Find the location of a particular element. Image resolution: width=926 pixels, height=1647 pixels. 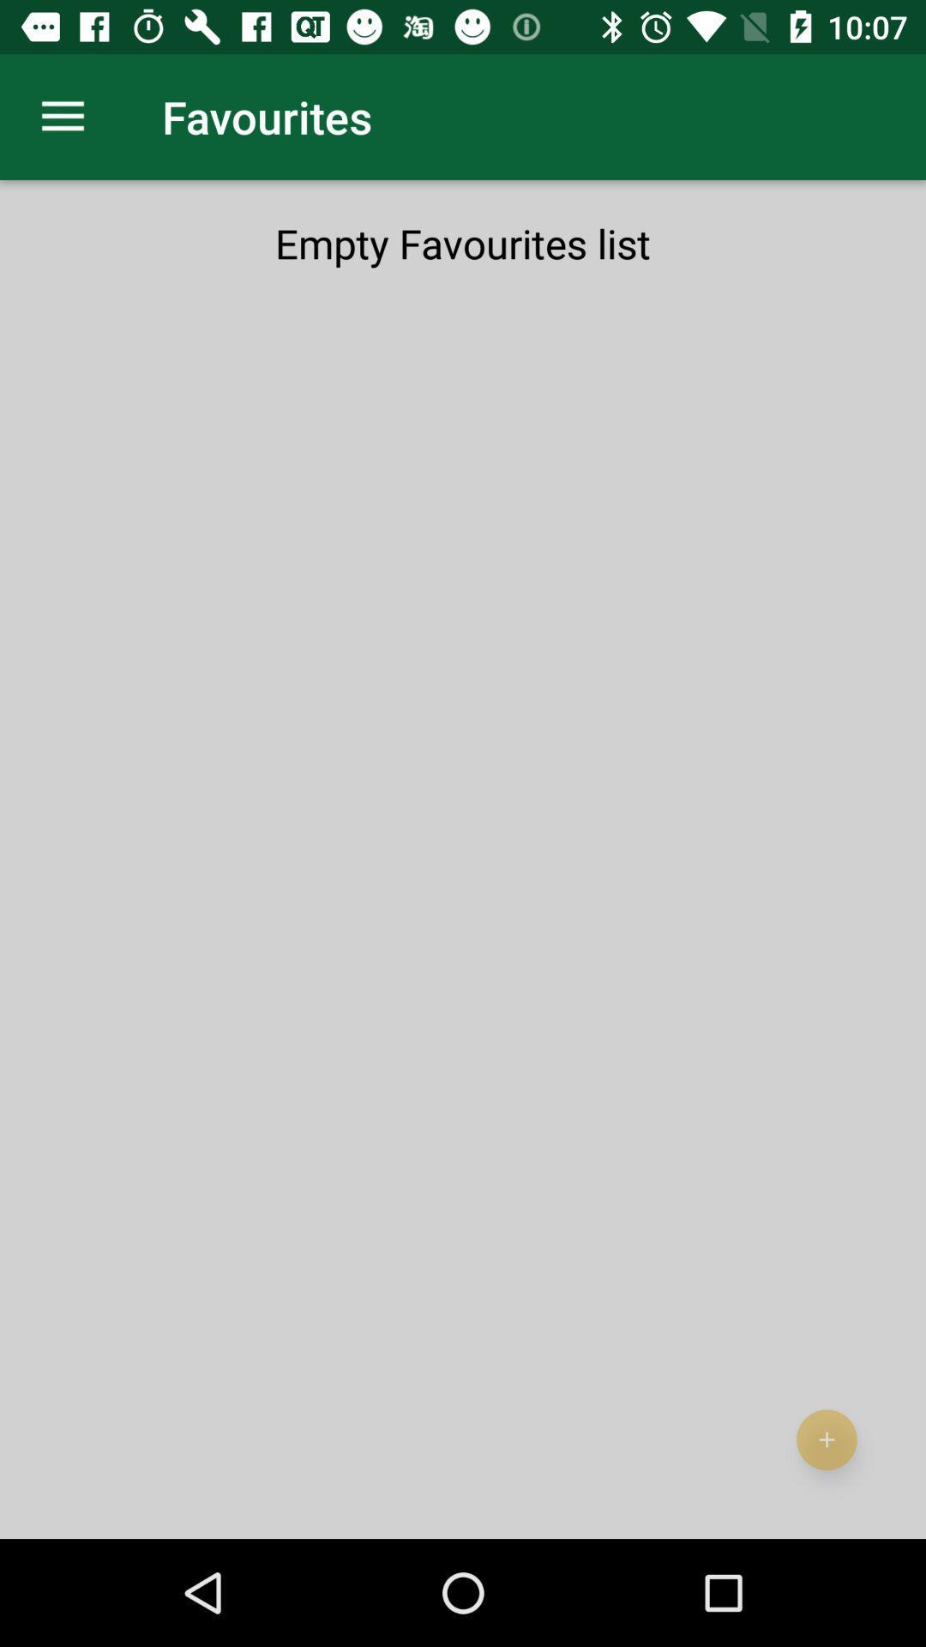

item to the left of favourites item is located at coordinates (62, 116).